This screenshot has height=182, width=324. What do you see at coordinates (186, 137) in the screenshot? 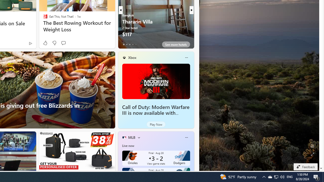
I see `'Class: icon-img'` at bounding box center [186, 137].